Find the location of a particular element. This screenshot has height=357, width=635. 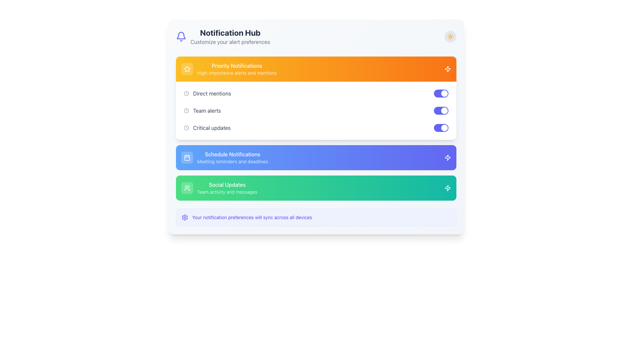

the star icon with a filled outline style, rendered in white, located within the priority notification card at the top of the colored sections, aligned to the left of the text 'Priority Notifications' is located at coordinates (187, 69).